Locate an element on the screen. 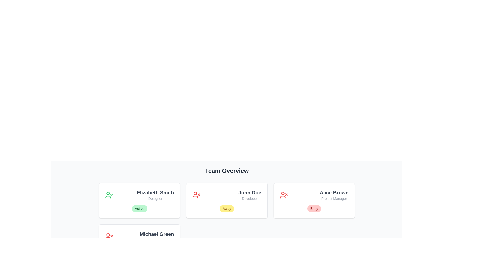  the text label 'Michael Green' is located at coordinates (157, 234).